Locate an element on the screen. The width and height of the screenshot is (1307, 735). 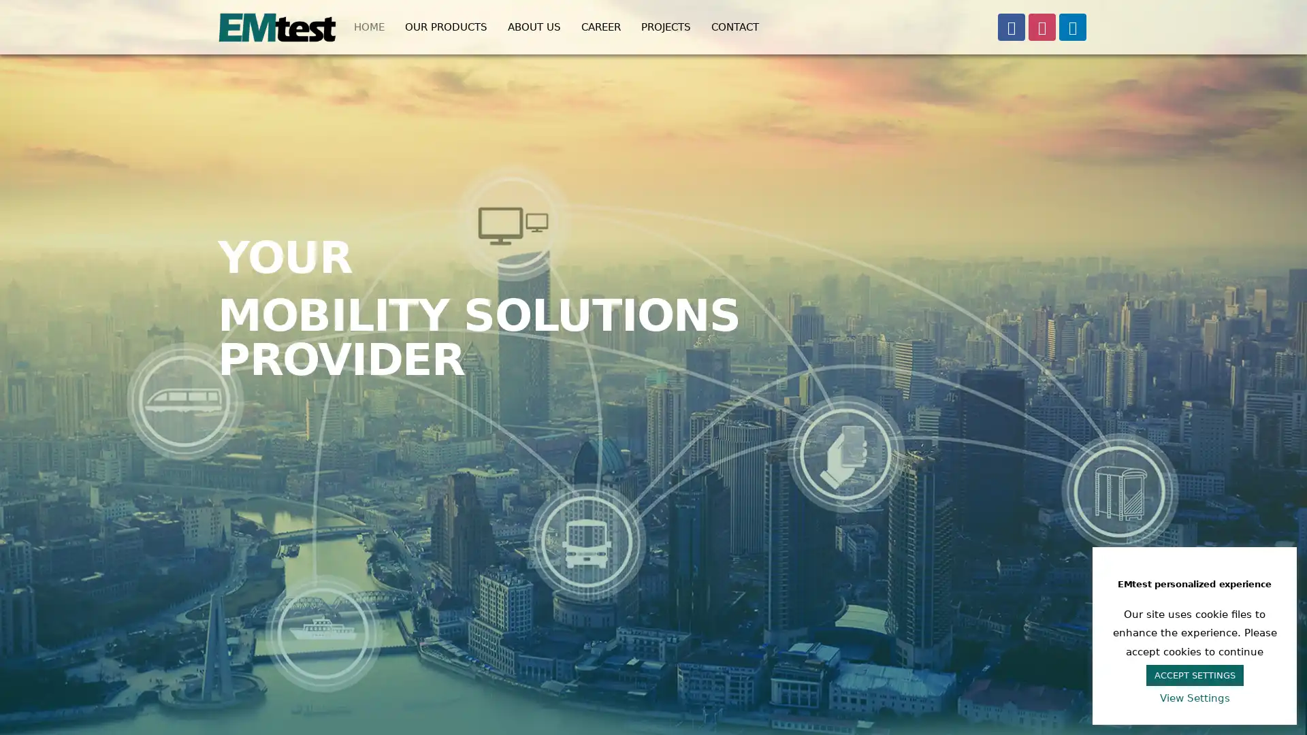
View Settings is located at coordinates (1193, 698).